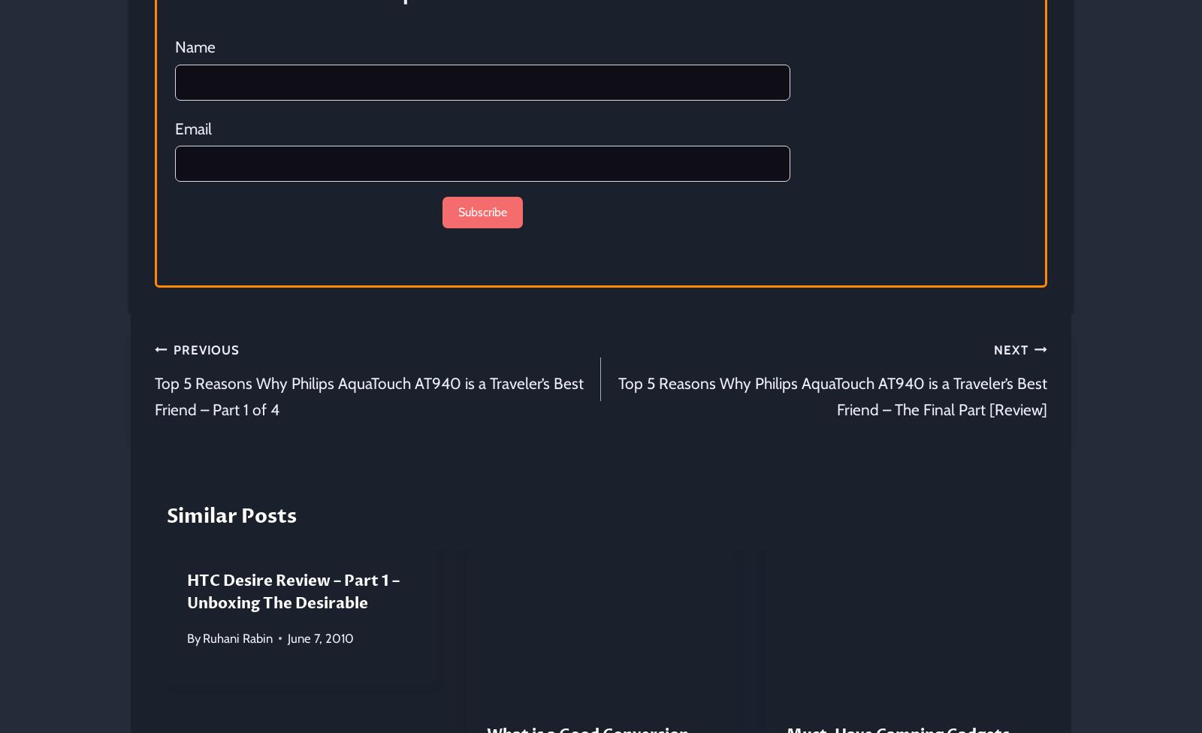 Image resolution: width=1202 pixels, height=733 pixels. What do you see at coordinates (457, 211) in the screenshot?
I see `'Subscribe'` at bounding box center [457, 211].